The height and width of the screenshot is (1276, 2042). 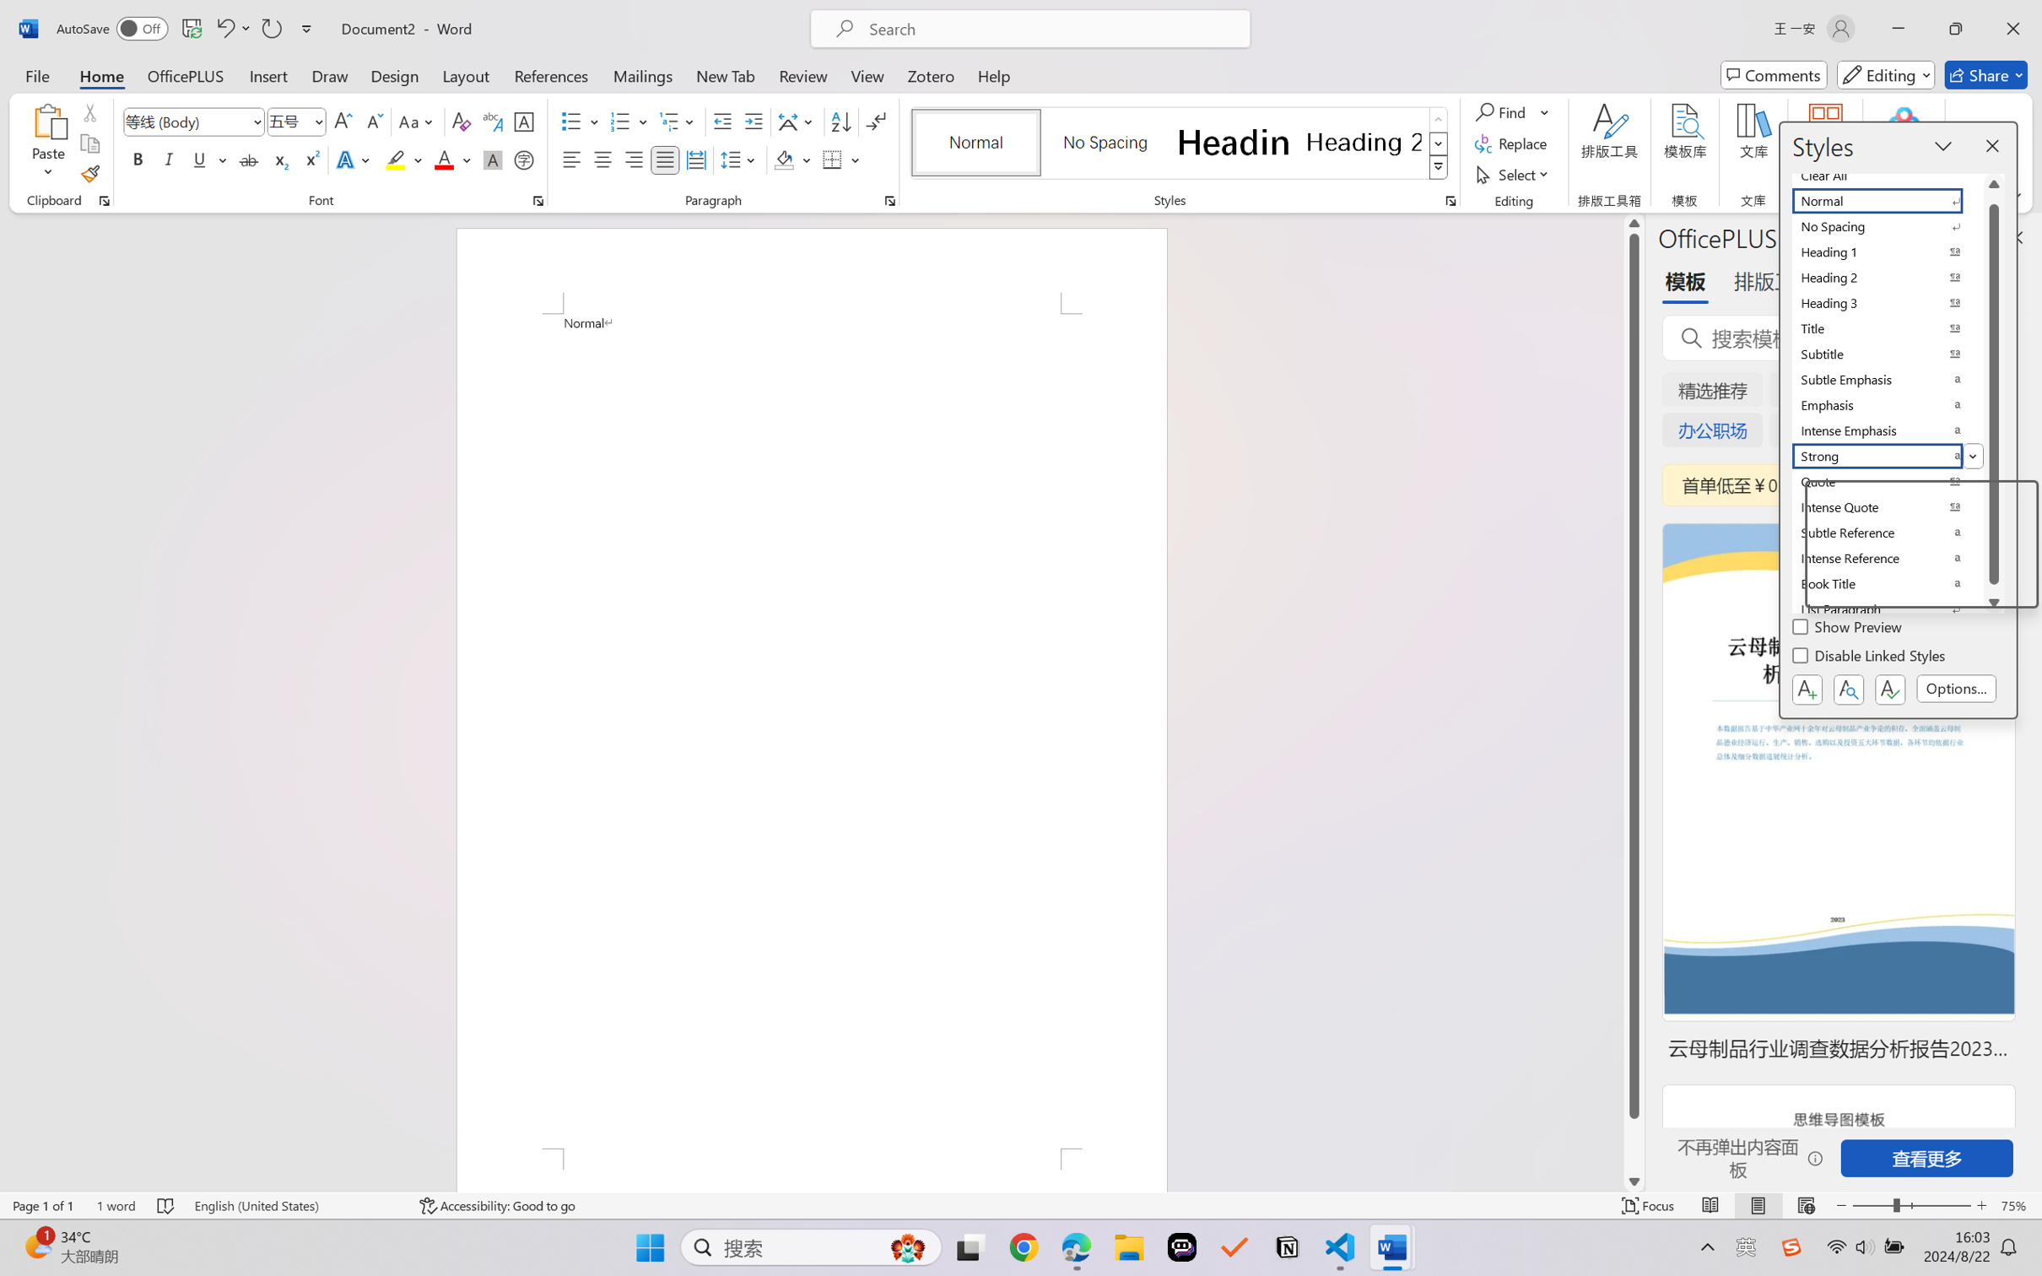 What do you see at coordinates (629, 122) in the screenshot?
I see `'Numbering'` at bounding box center [629, 122].